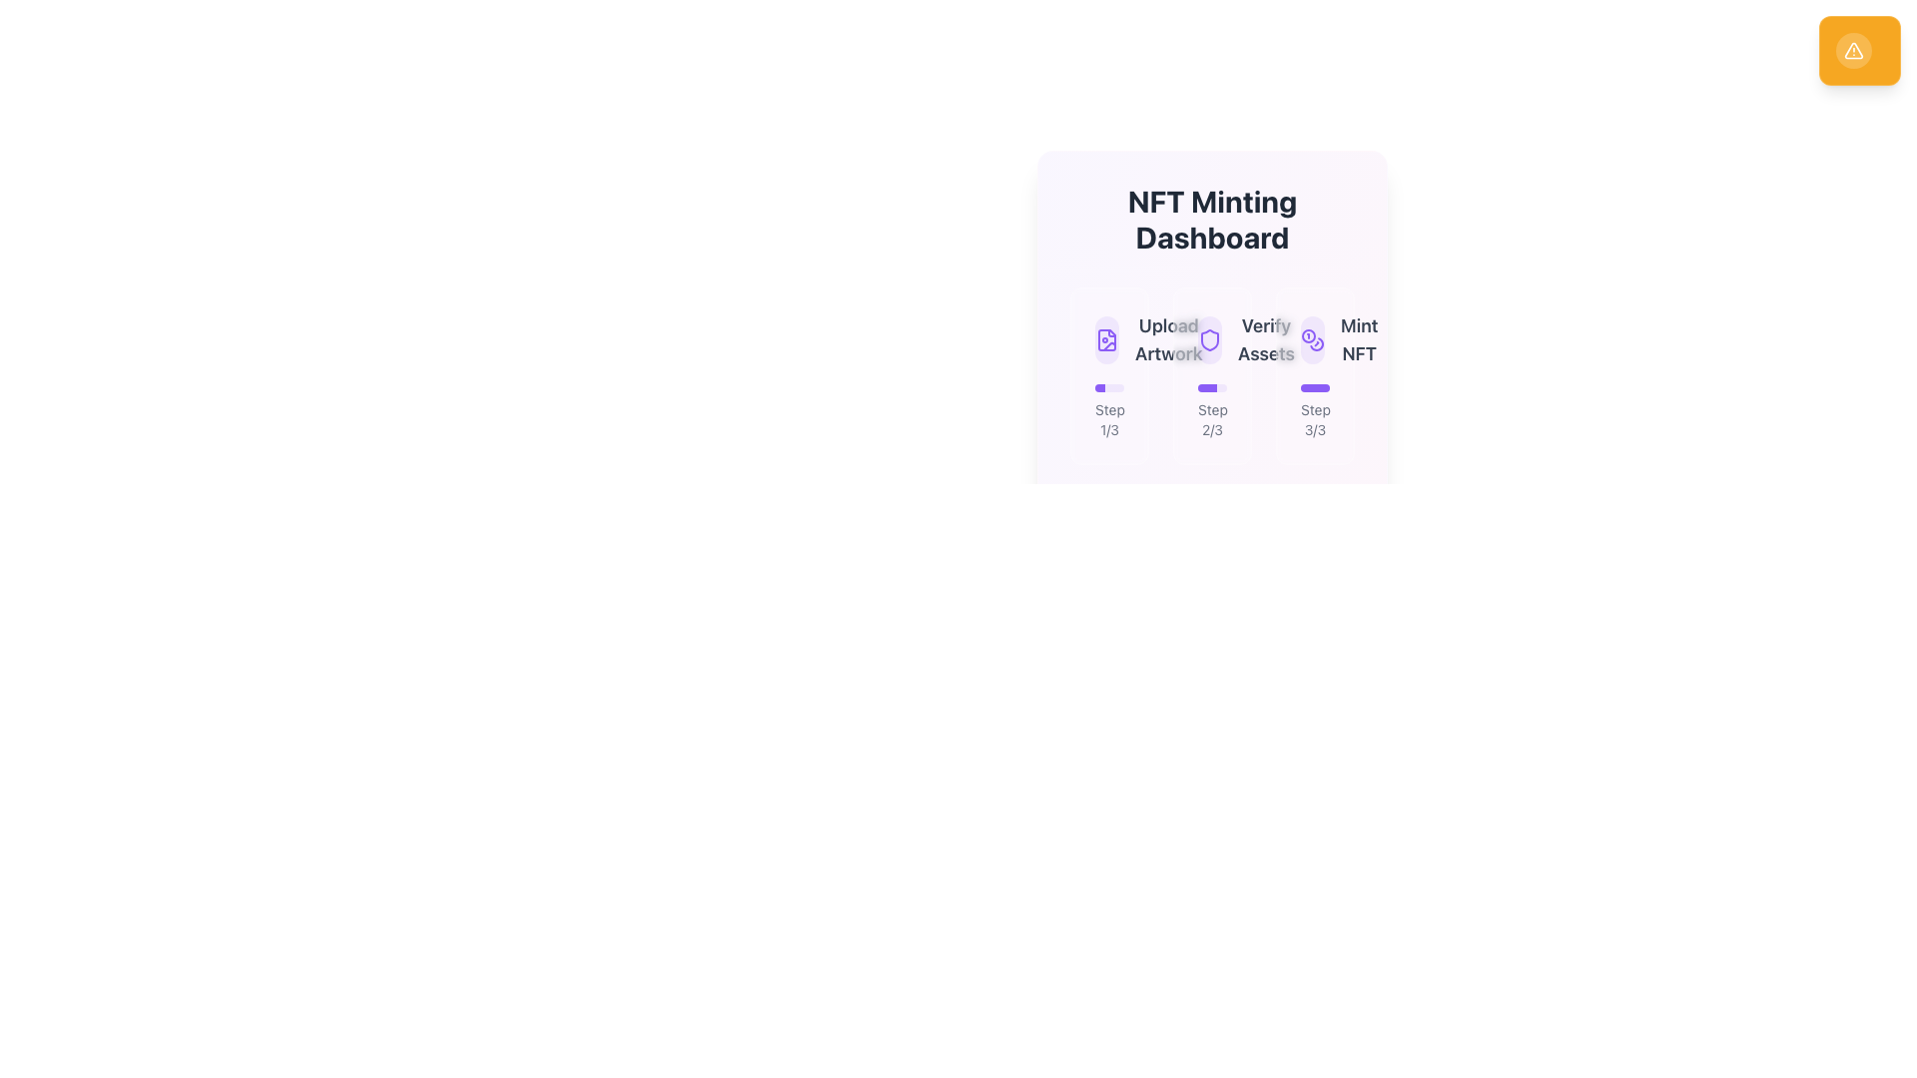  I want to click on the text and progress indicator displaying 'Step 3/3' at the bottom-center of the 'Mint NFT' card, so click(1315, 410).